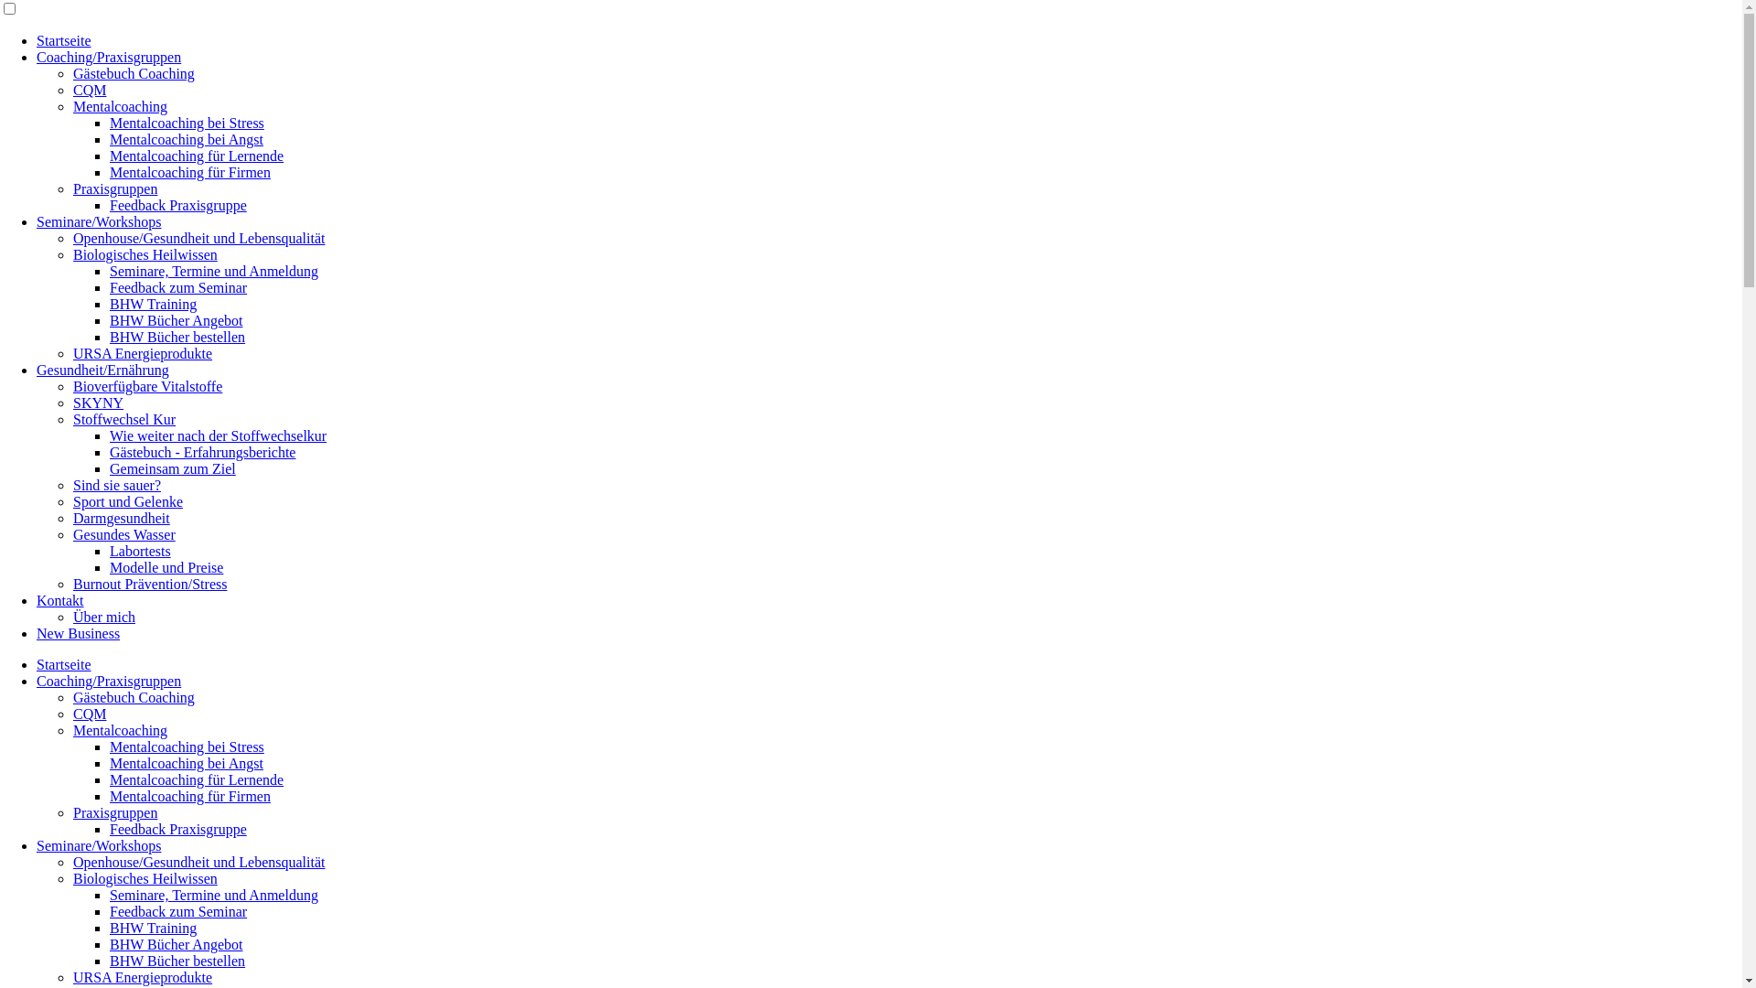  I want to click on 'Seminare, Termine und Anmeldung', so click(214, 271).